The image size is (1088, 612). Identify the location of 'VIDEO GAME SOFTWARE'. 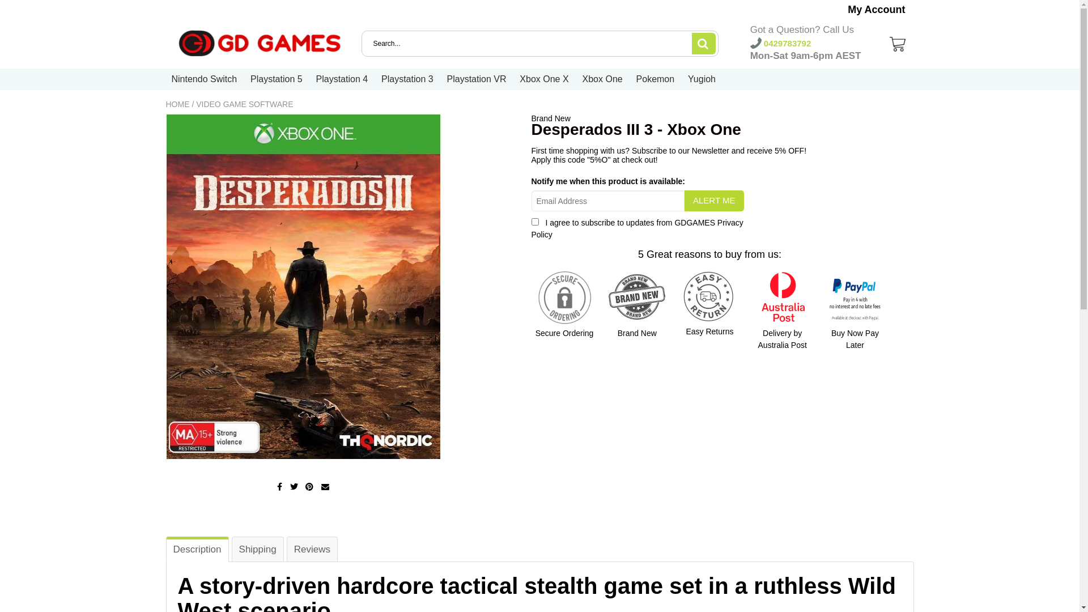
(244, 104).